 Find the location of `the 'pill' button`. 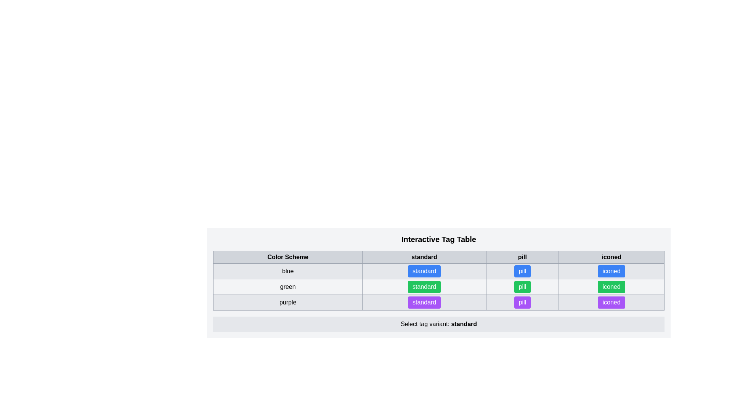

the 'pill' button is located at coordinates (522, 287).